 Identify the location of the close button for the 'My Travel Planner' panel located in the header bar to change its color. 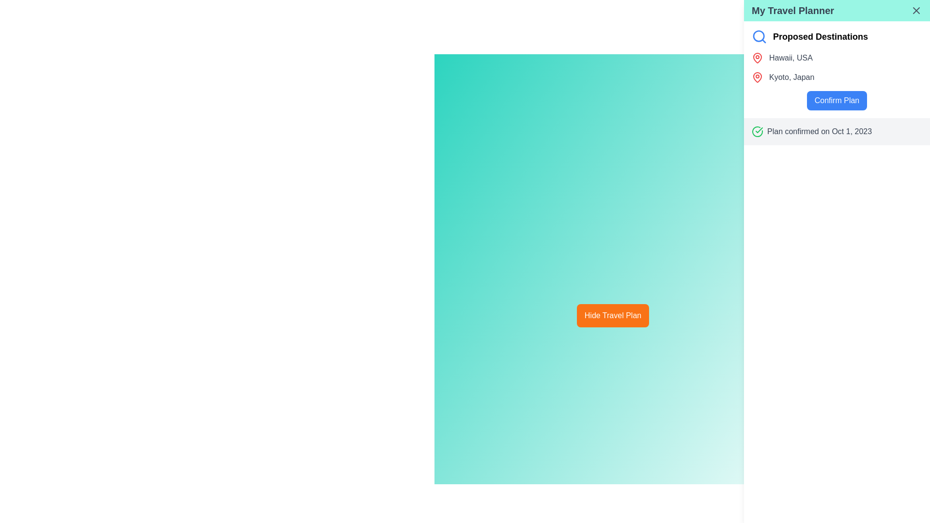
(915, 11).